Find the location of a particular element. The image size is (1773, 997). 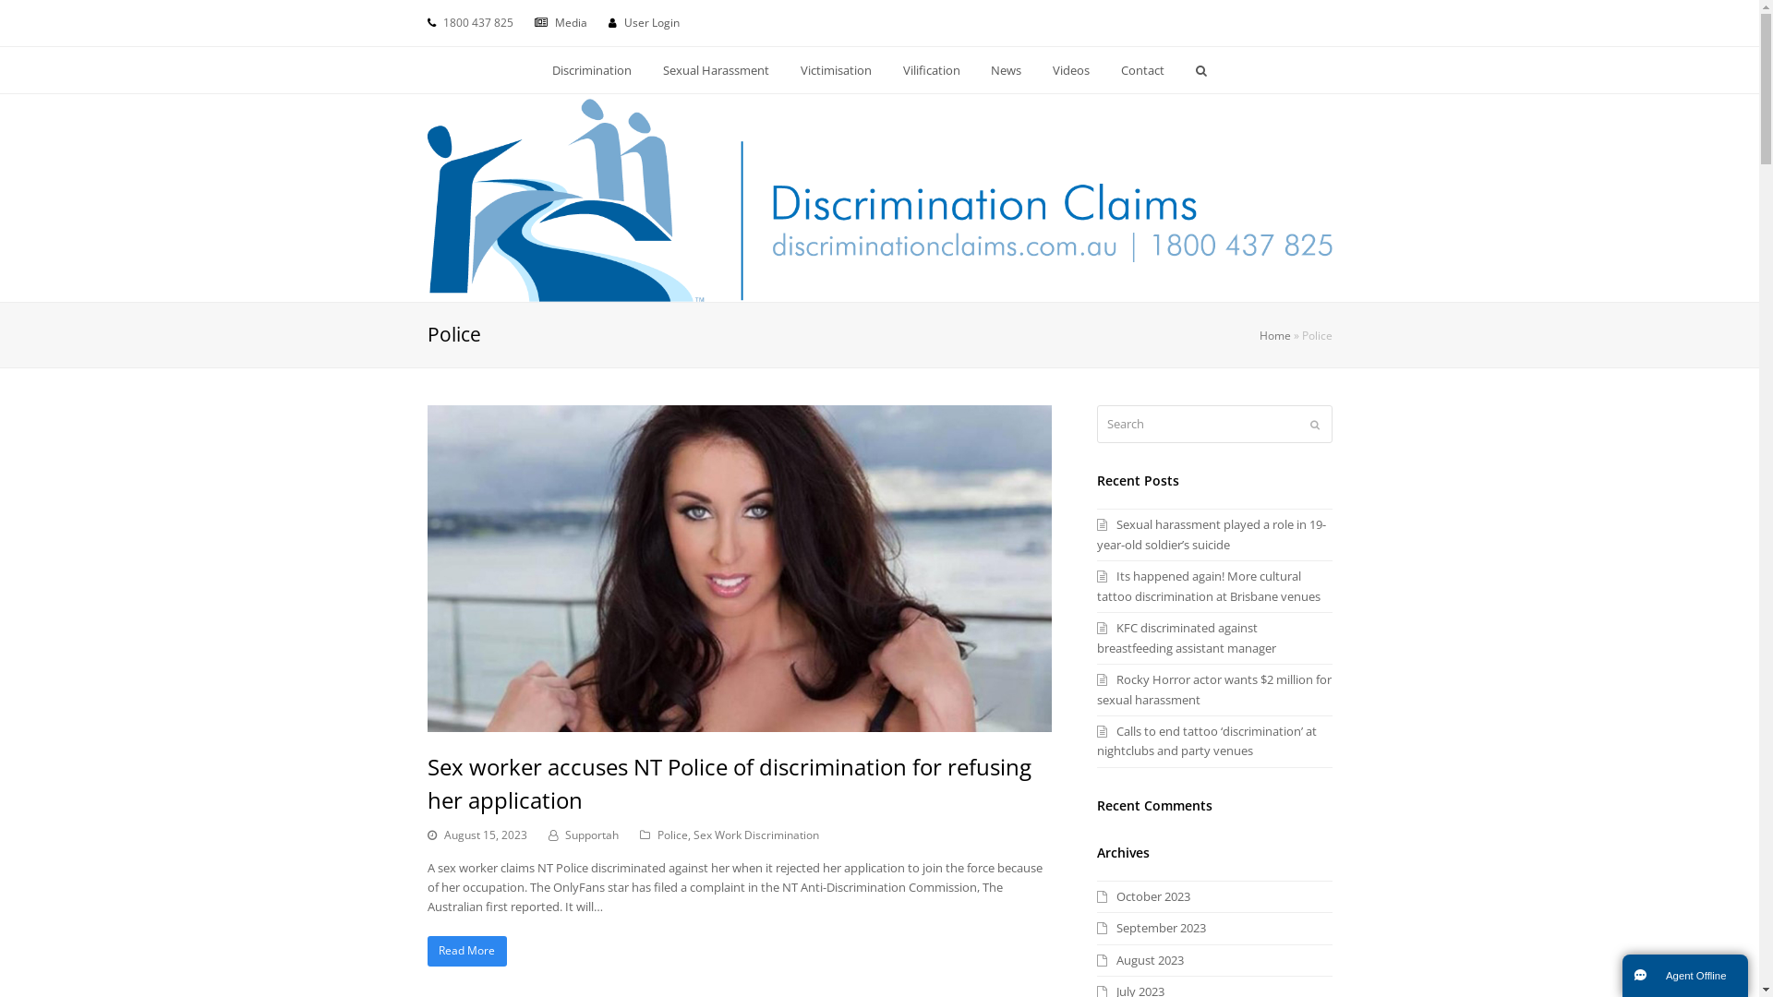

'Sexual Harassment' is located at coordinates (648, 69).